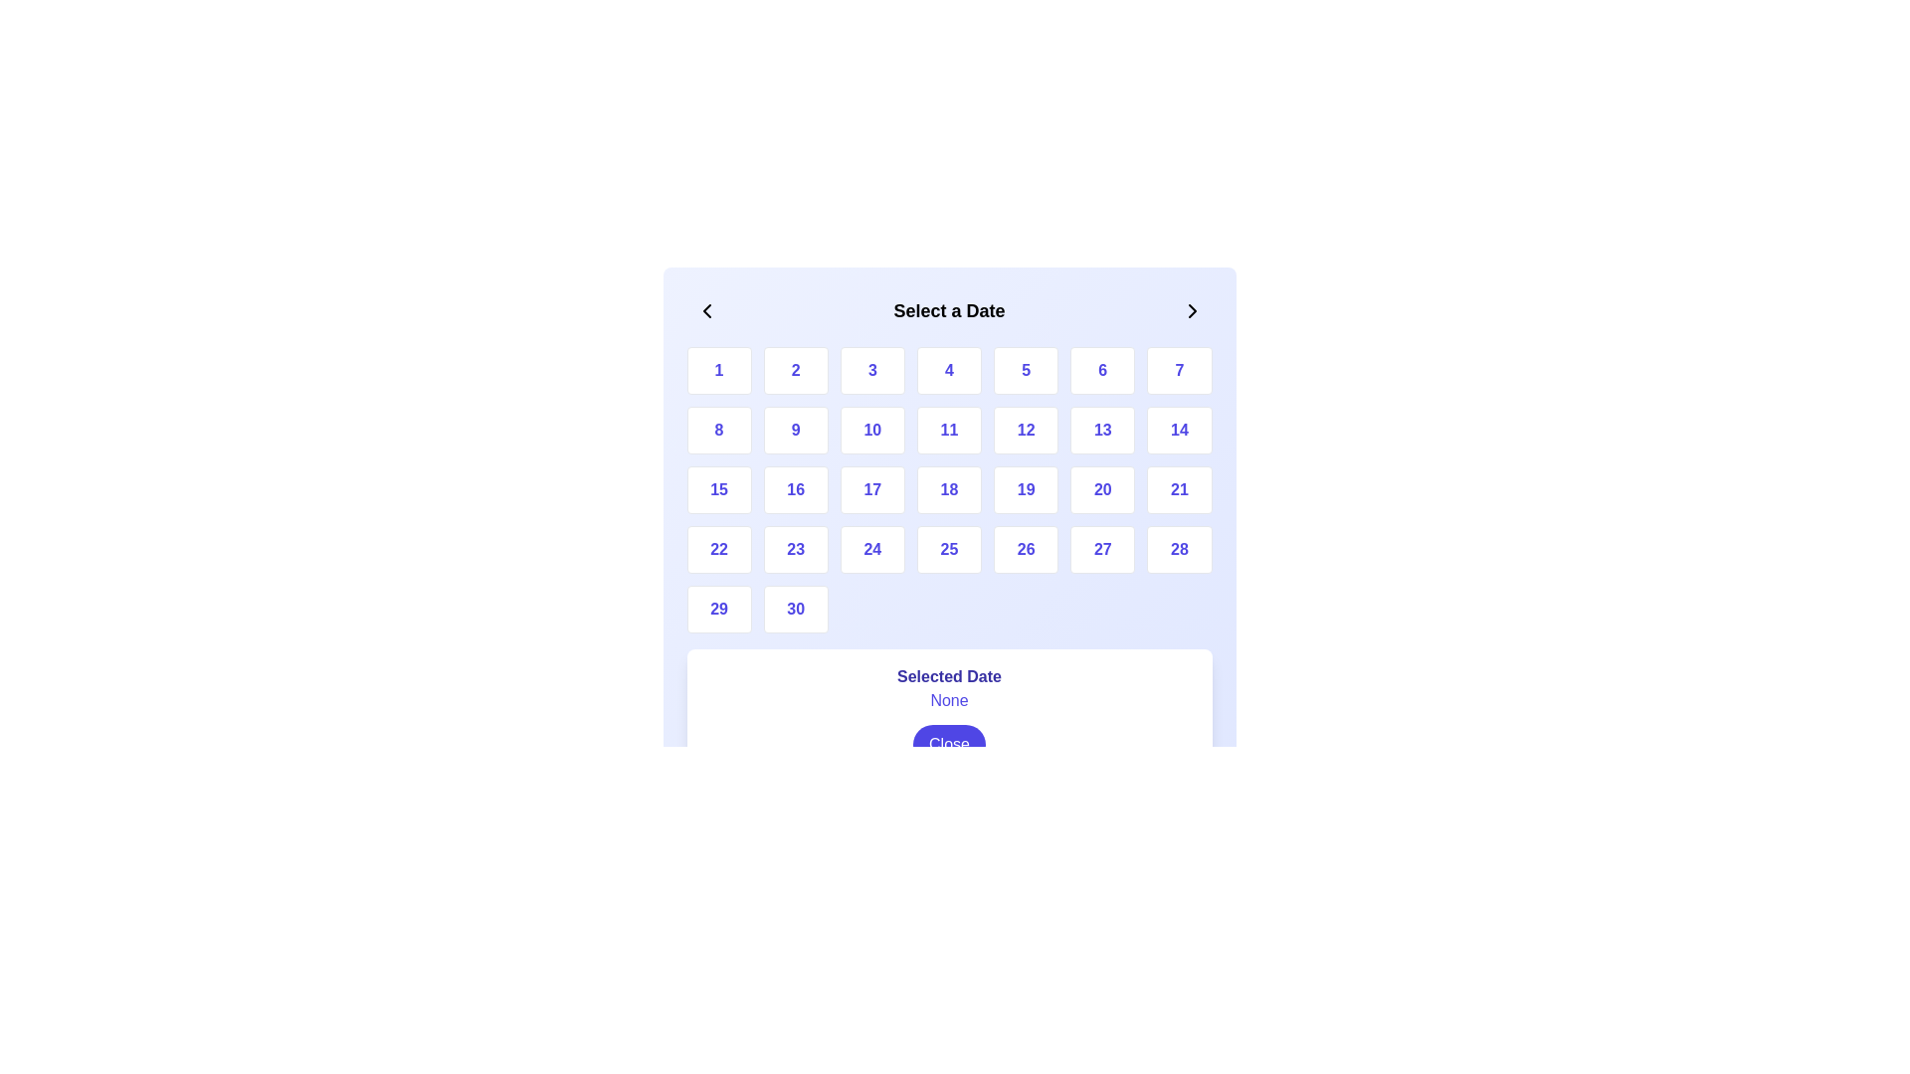 This screenshot has height=1074, width=1910. I want to click on the white rectangular button with rounded edges containing the number '27' in indigo text, so click(1101, 549).